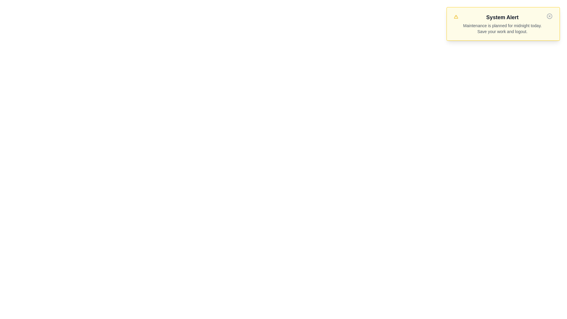 The height and width of the screenshot is (319, 567). What do you see at coordinates (549, 16) in the screenshot?
I see `the close button of the notification` at bounding box center [549, 16].